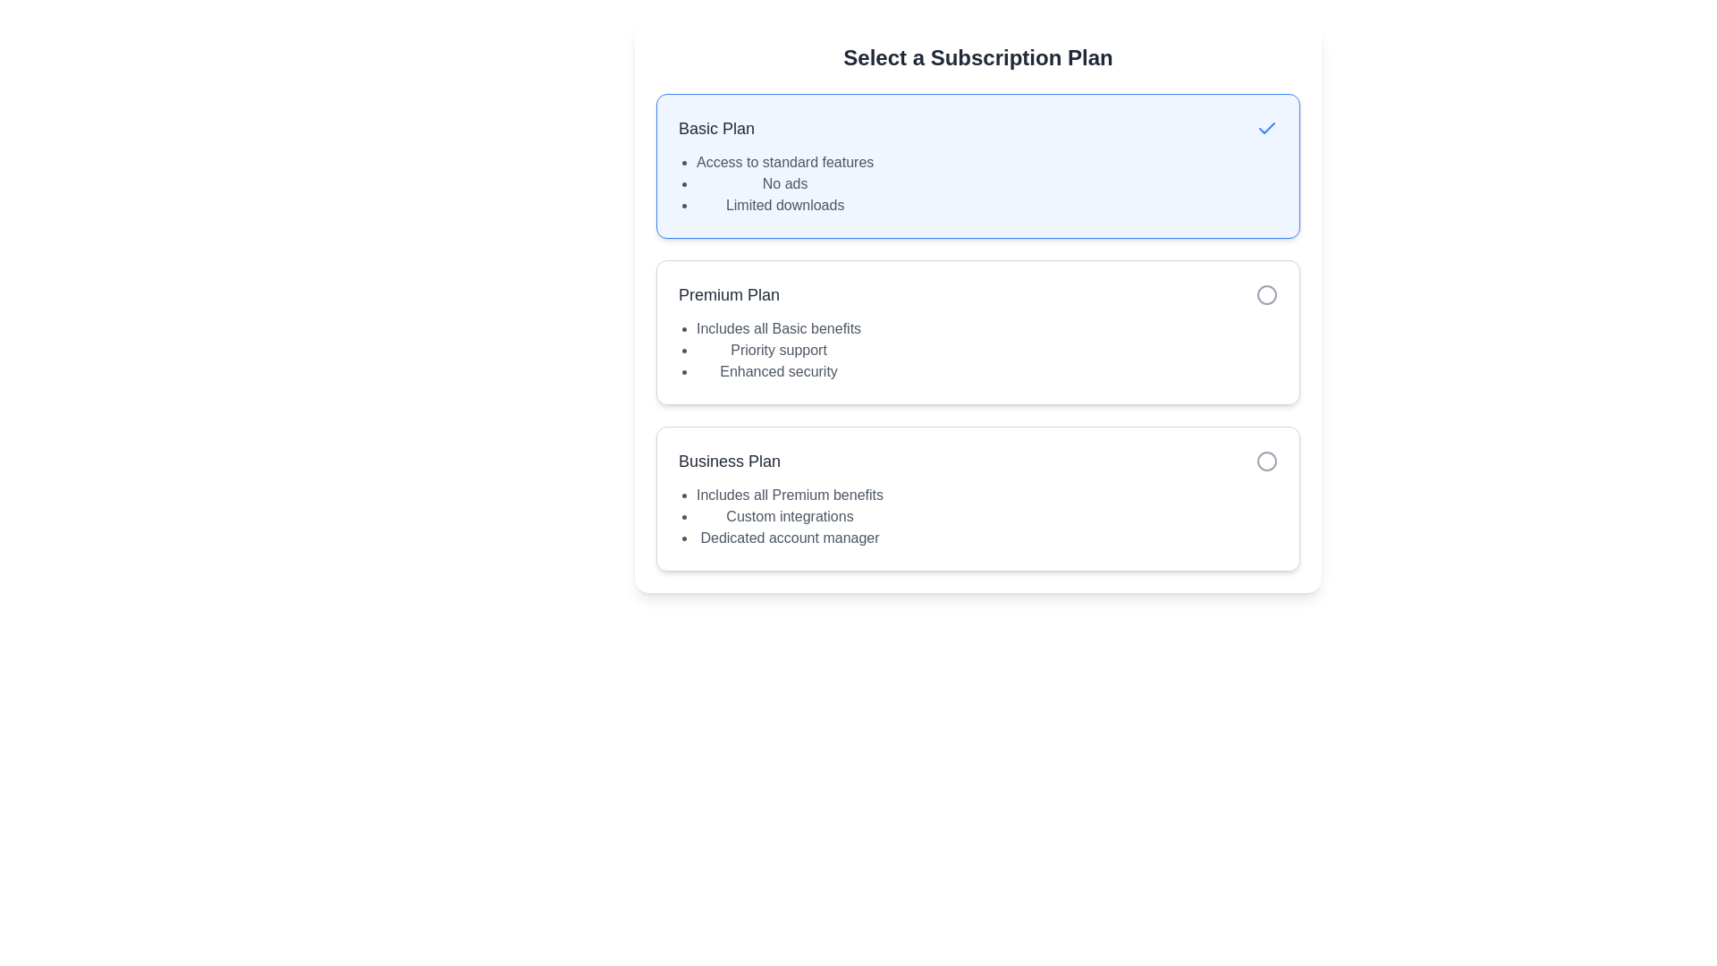 This screenshot has width=1717, height=966. What do you see at coordinates (1265, 294) in the screenshot?
I see `the circular element located to the right of the 'Premium Plan' label in the subscription selection interface, which has a gray outline and no fill` at bounding box center [1265, 294].